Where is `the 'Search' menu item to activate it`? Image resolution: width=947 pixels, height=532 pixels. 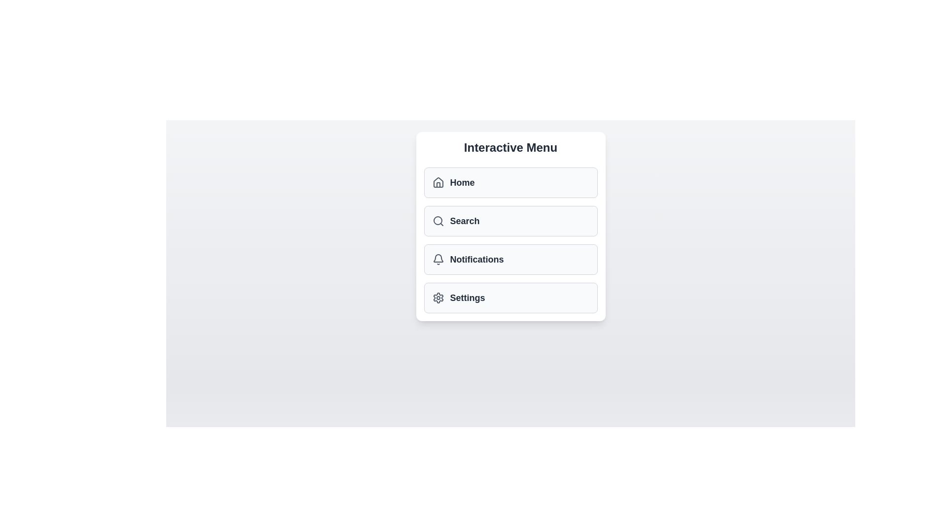 the 'Search' menu item to activate it is located at coordinates (510, 220).